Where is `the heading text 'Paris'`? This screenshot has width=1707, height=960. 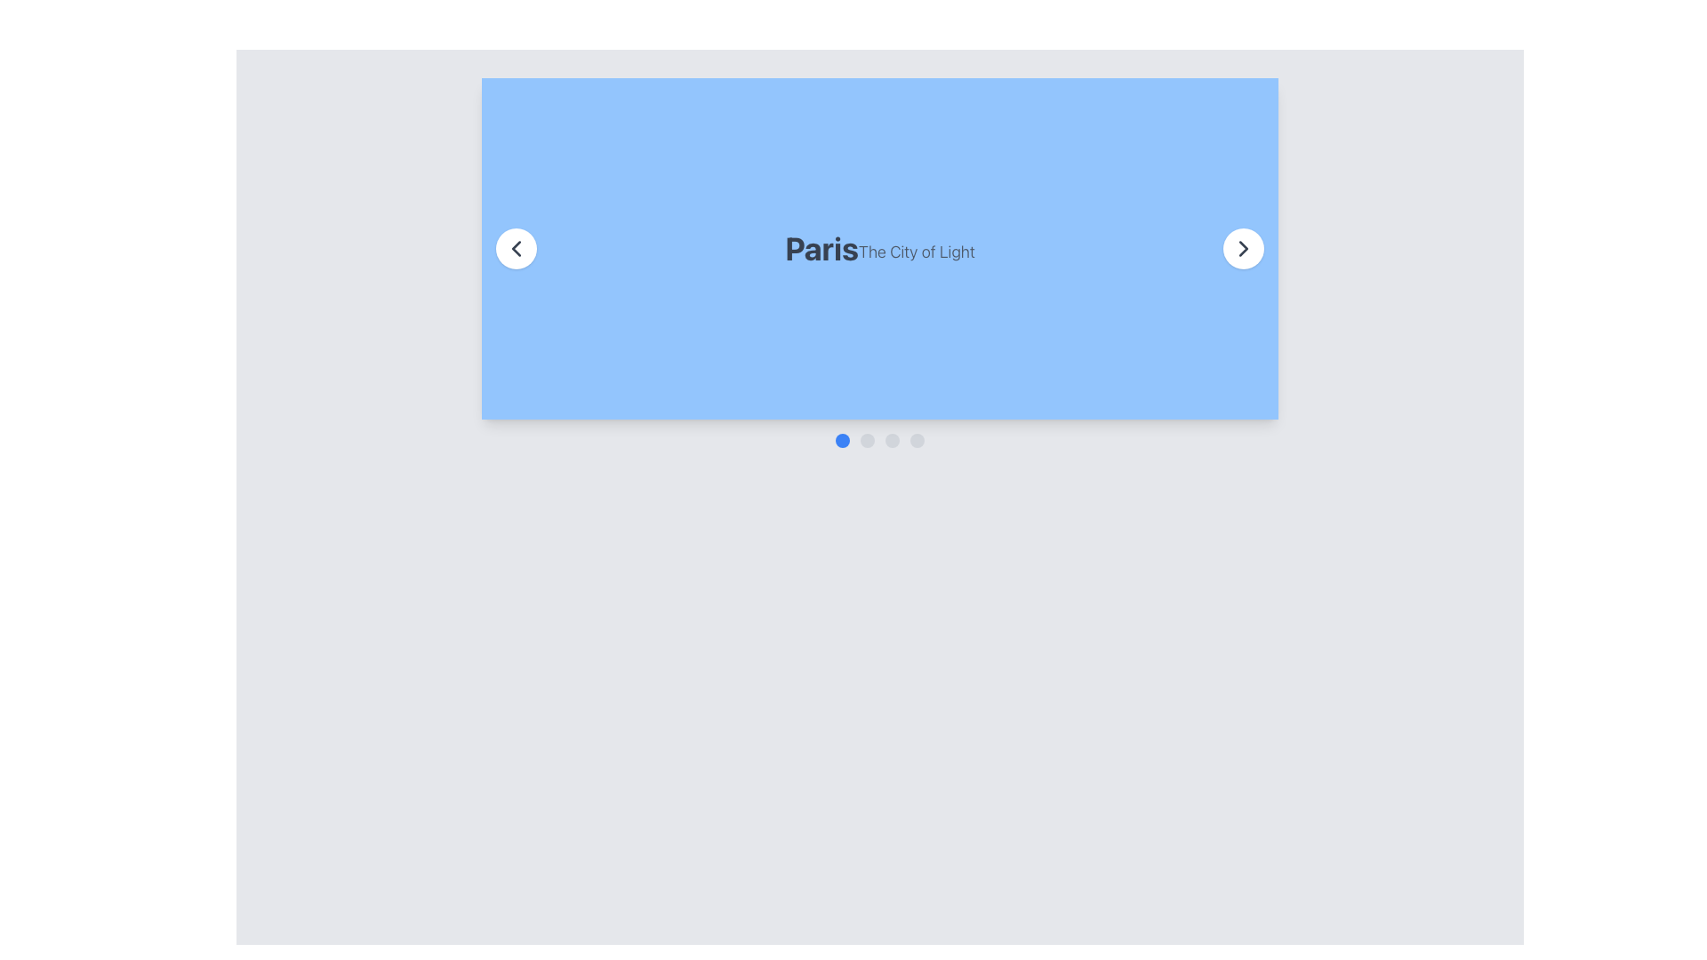 the heading text 'Paris' is located at coordinates (821, 249).